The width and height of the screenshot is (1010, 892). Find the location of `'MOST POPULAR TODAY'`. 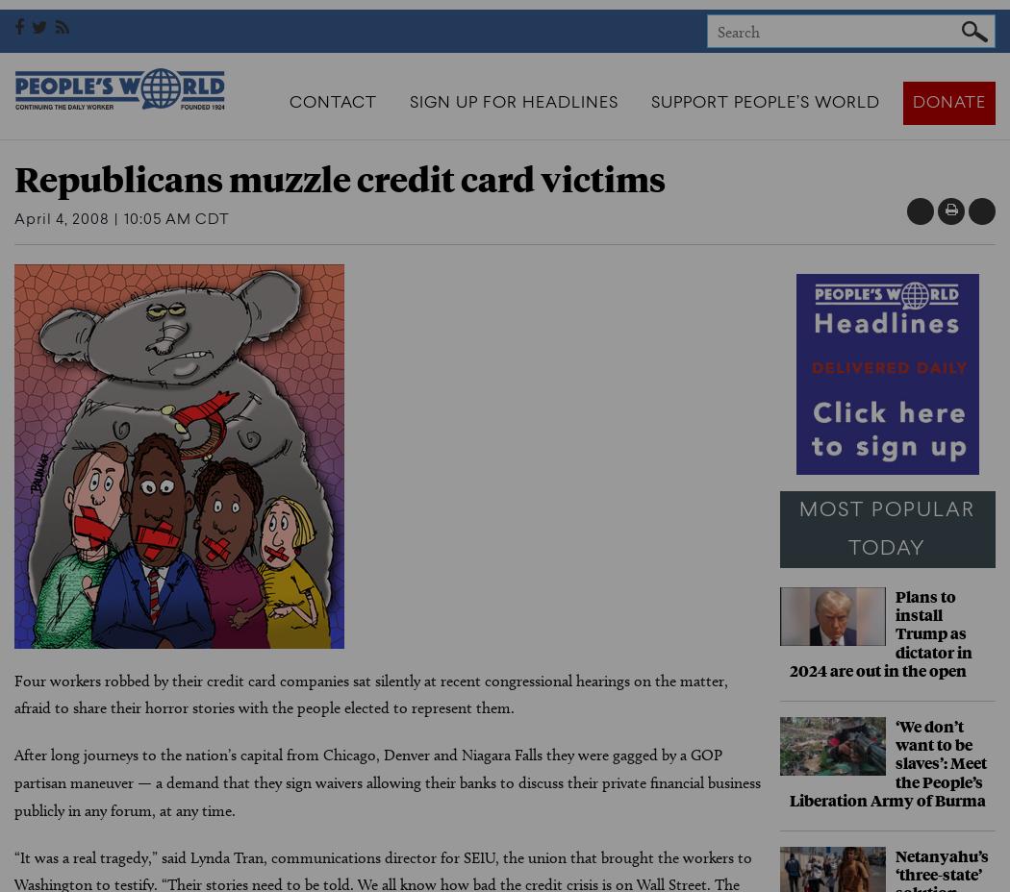

'MOST POPULAR TODAY' is located at coordinates (887, 529).